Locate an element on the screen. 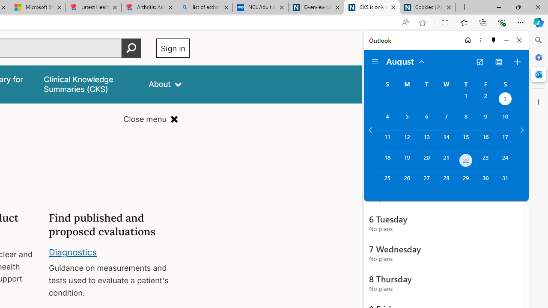 Image resolution: width=548 pixels, height=308 pixels. 'Sign in' is located at coordinates (173, 48).